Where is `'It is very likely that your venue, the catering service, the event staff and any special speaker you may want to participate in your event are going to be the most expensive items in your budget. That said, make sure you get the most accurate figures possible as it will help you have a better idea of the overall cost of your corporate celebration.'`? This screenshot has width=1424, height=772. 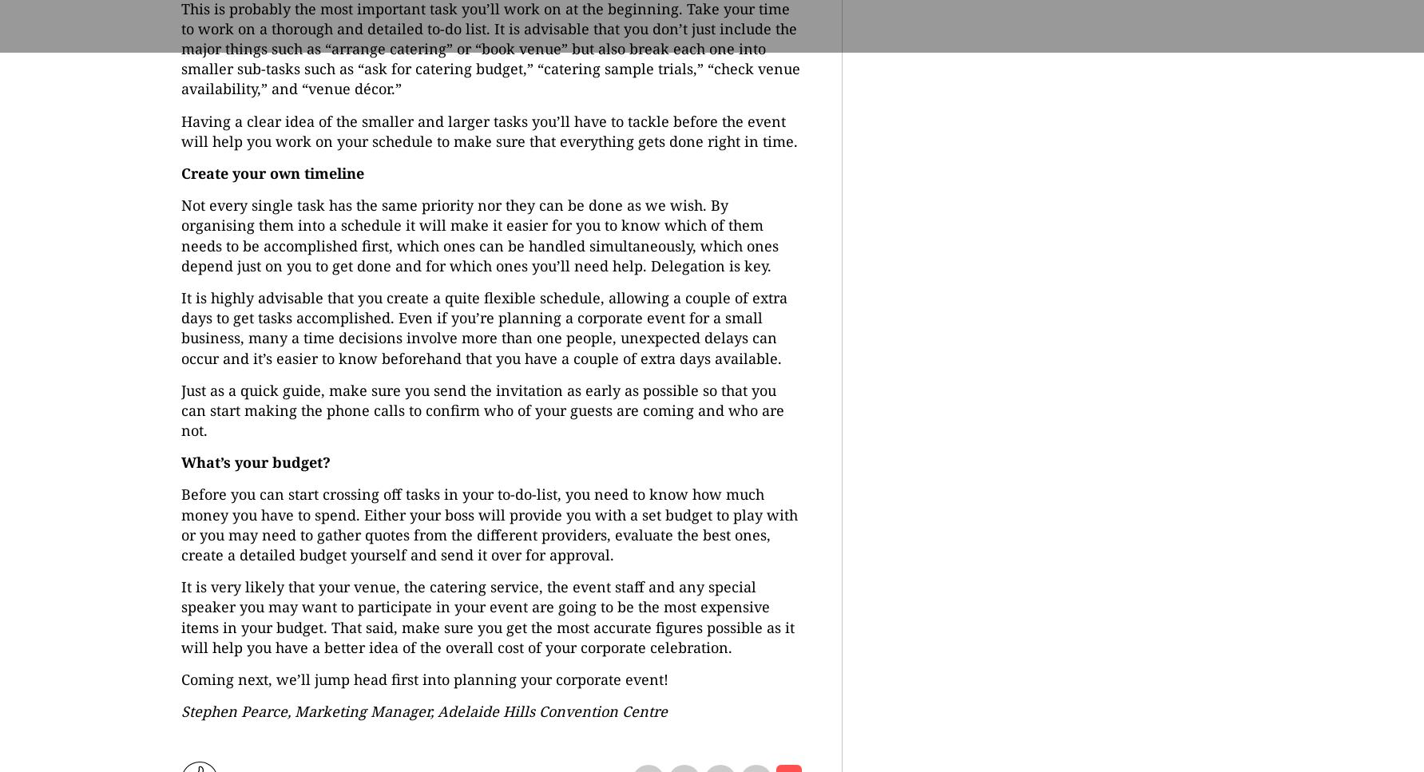
'It is very likely that your venue, the catering service, the event staff and any special speaker you may want to participate in your event are going to be the most expensive items in your budget. That said, make sure you get the most accurate figures possible as it will help you have a better idea of the overall cost of your corporate celebration.' is located at coordinates (180, 616).